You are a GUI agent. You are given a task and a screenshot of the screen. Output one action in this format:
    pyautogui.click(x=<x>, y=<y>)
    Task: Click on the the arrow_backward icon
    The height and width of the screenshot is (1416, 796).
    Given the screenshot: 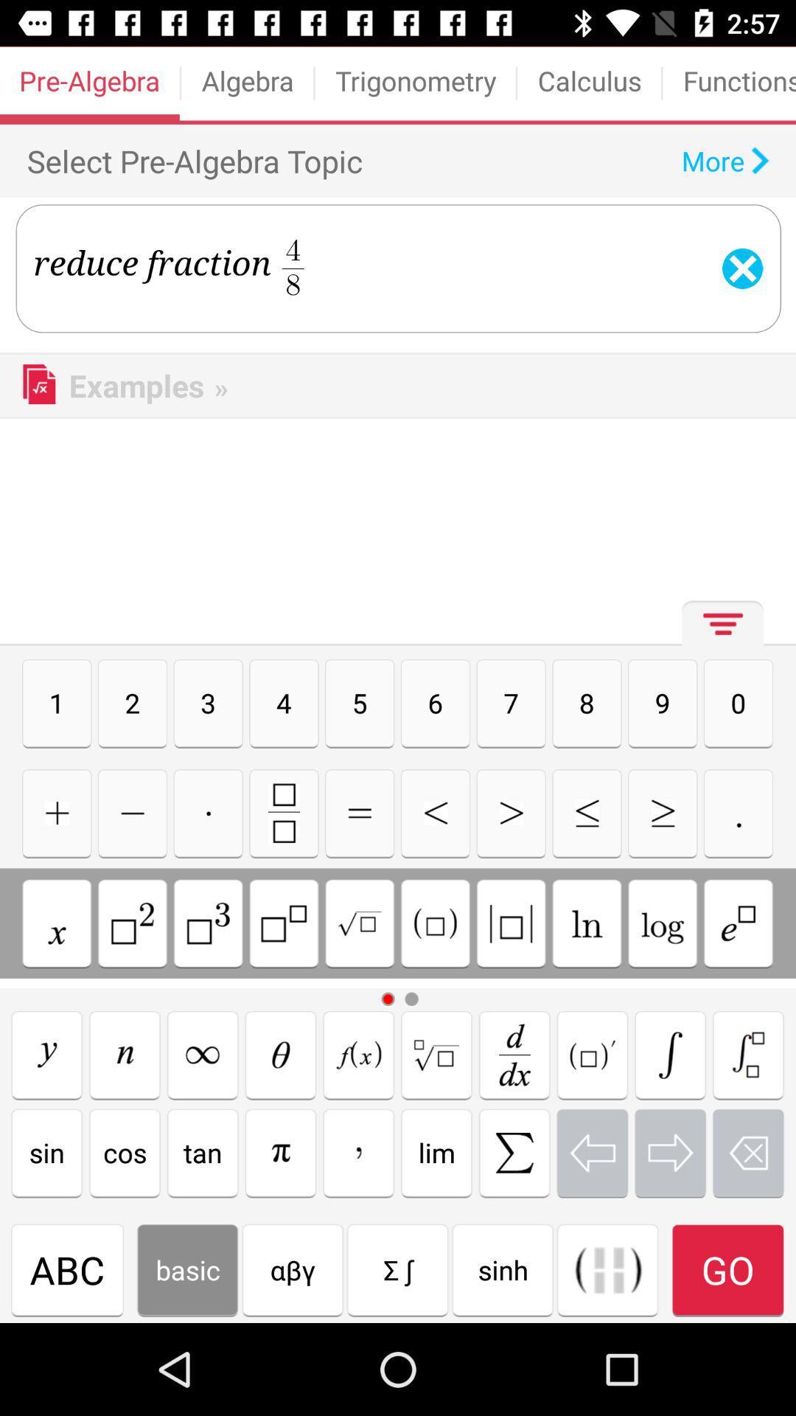 What is the action you would take?
    pyautogui.click(x=434, y=812)
    